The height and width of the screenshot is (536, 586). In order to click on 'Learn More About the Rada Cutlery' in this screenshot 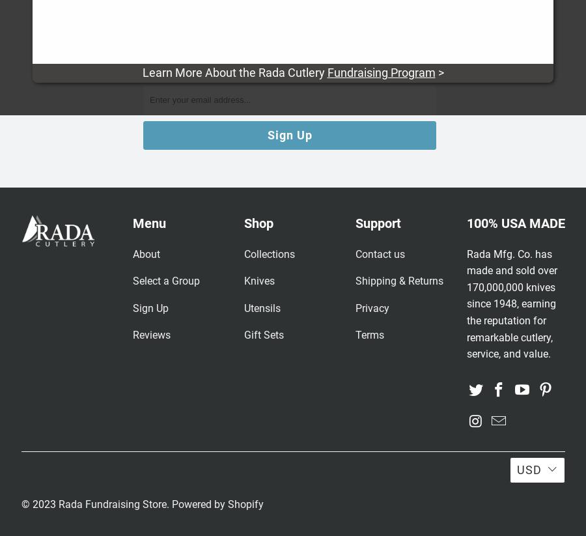, I will do `click(234, 72)`.